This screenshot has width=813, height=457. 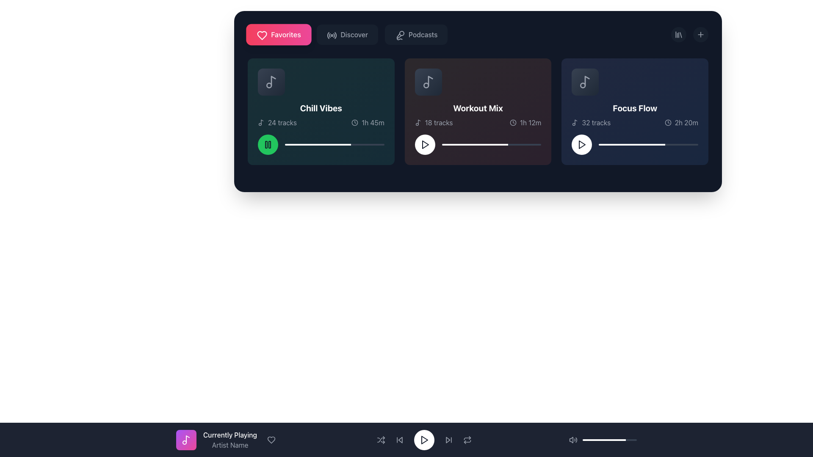 What do you see at coordinates (271, 82) in the screenshot?
I see `the thumbnail or icon representing the 'Chill Vibes' music playlist, located in the top left corner of its rectangular card` at bounding box center [271, 82].